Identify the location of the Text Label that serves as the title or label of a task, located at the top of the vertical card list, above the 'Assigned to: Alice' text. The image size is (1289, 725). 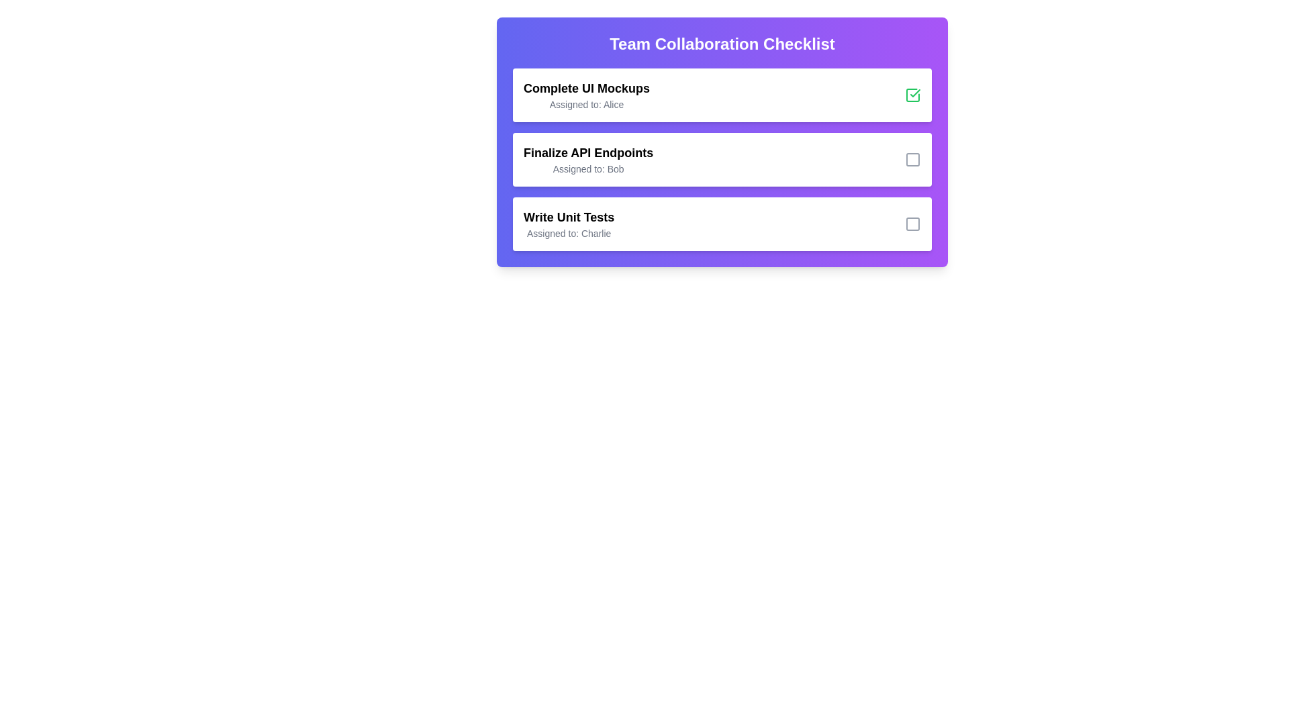
(586, 88).